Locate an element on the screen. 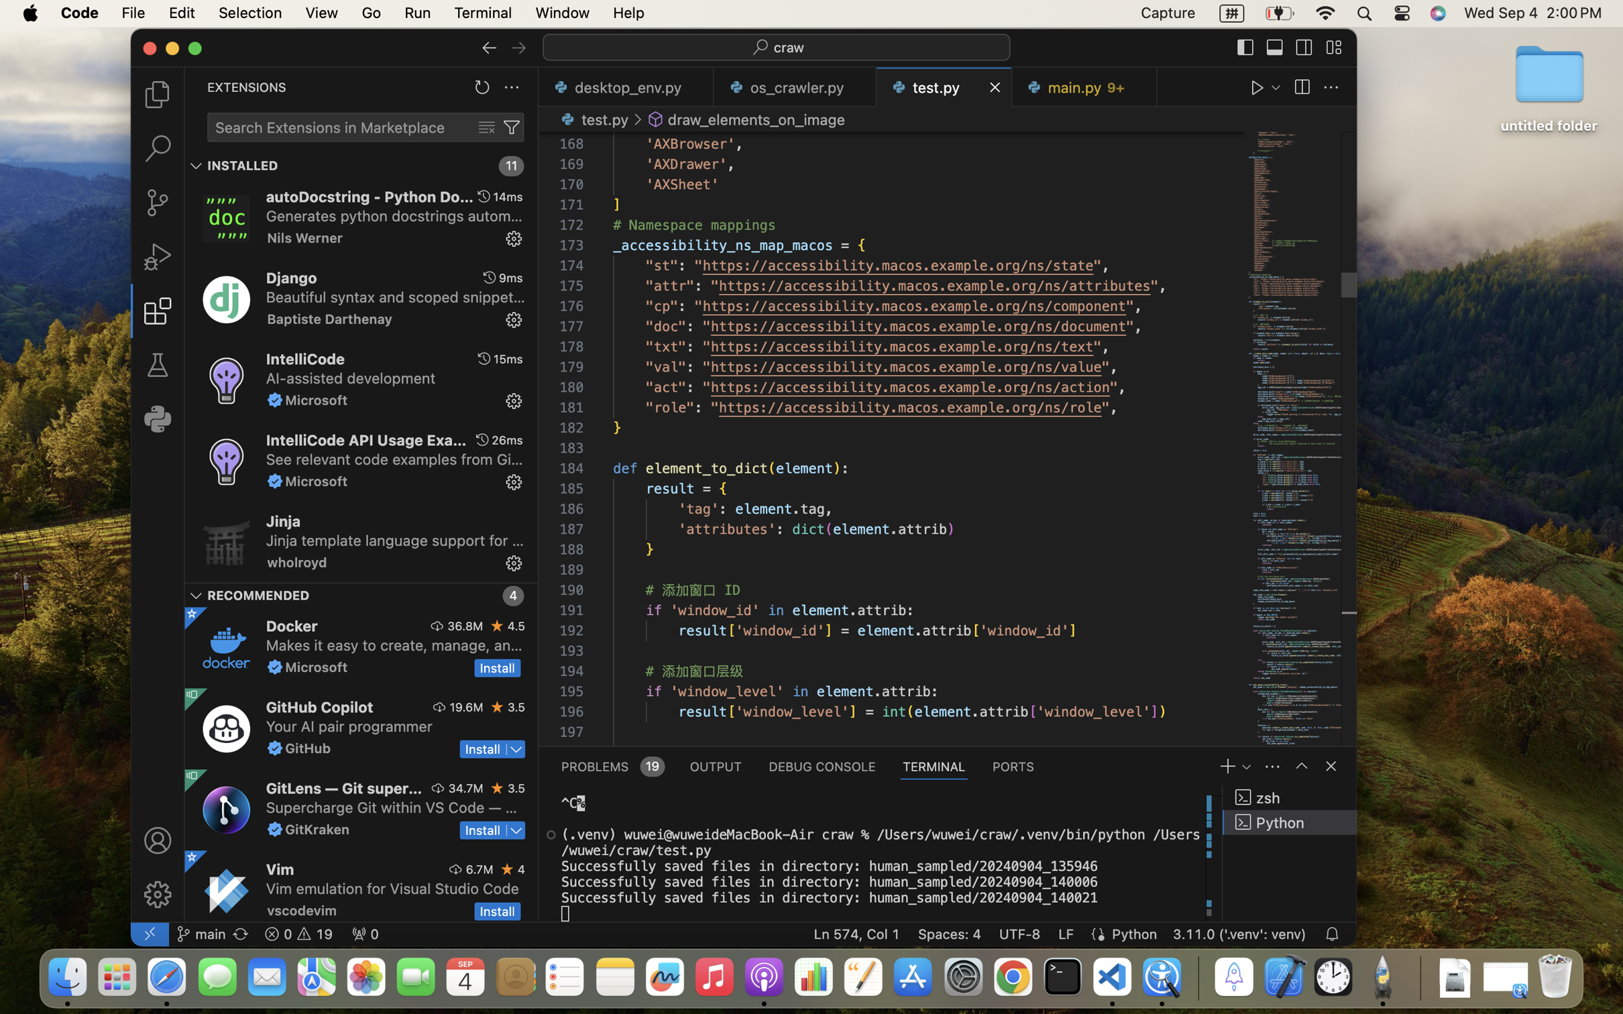  'autoDocstring - Python Docstring Generator' is located at coordinates (369, 196).